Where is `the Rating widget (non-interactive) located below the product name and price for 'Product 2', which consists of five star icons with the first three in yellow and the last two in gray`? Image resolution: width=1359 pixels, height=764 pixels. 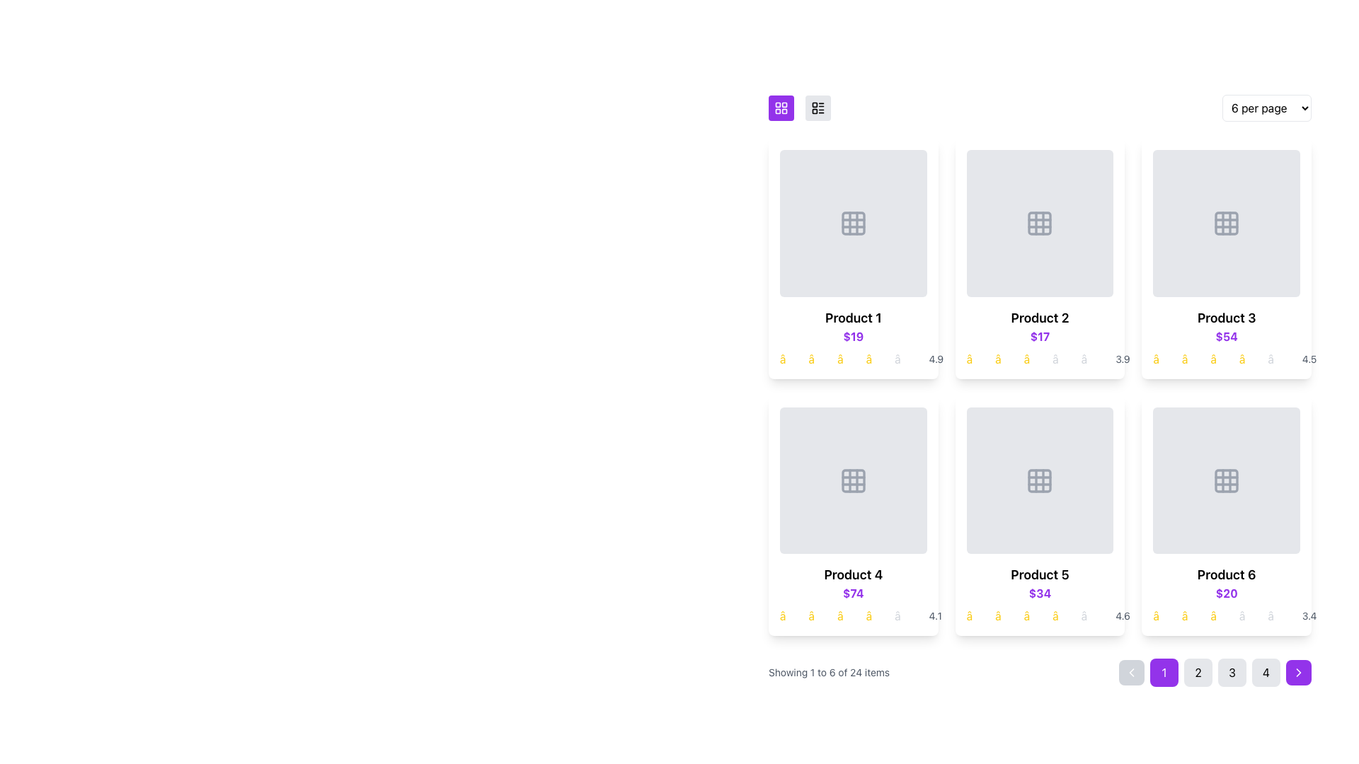 the Rating widget (non-interactive) located below the product name and price for 'Product 2', which consists of five star icons with the first three in yellow and the last two in gray is located at coordinates (1038, 358).